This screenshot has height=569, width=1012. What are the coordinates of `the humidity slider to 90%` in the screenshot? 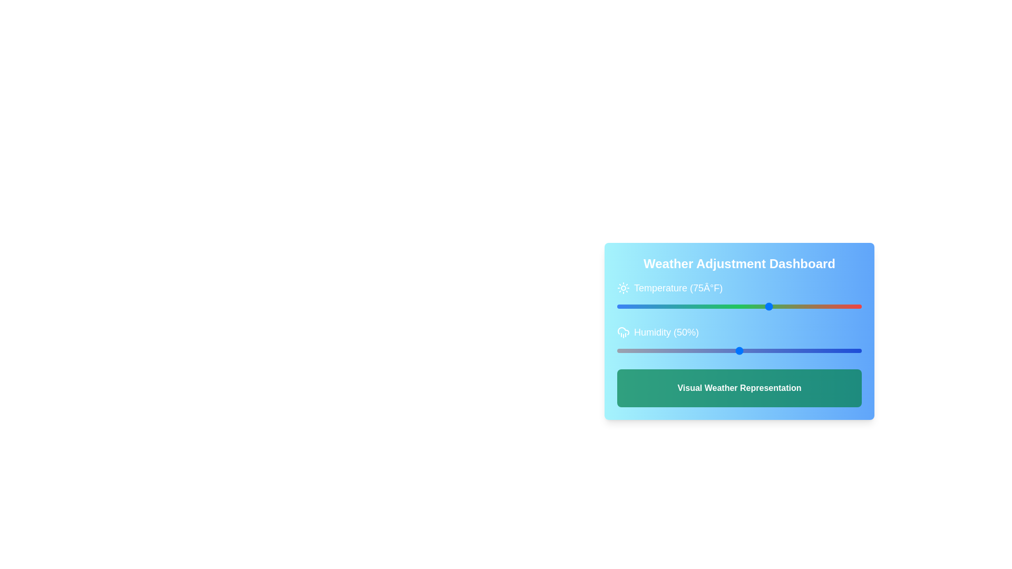 It's located at (836, 351).